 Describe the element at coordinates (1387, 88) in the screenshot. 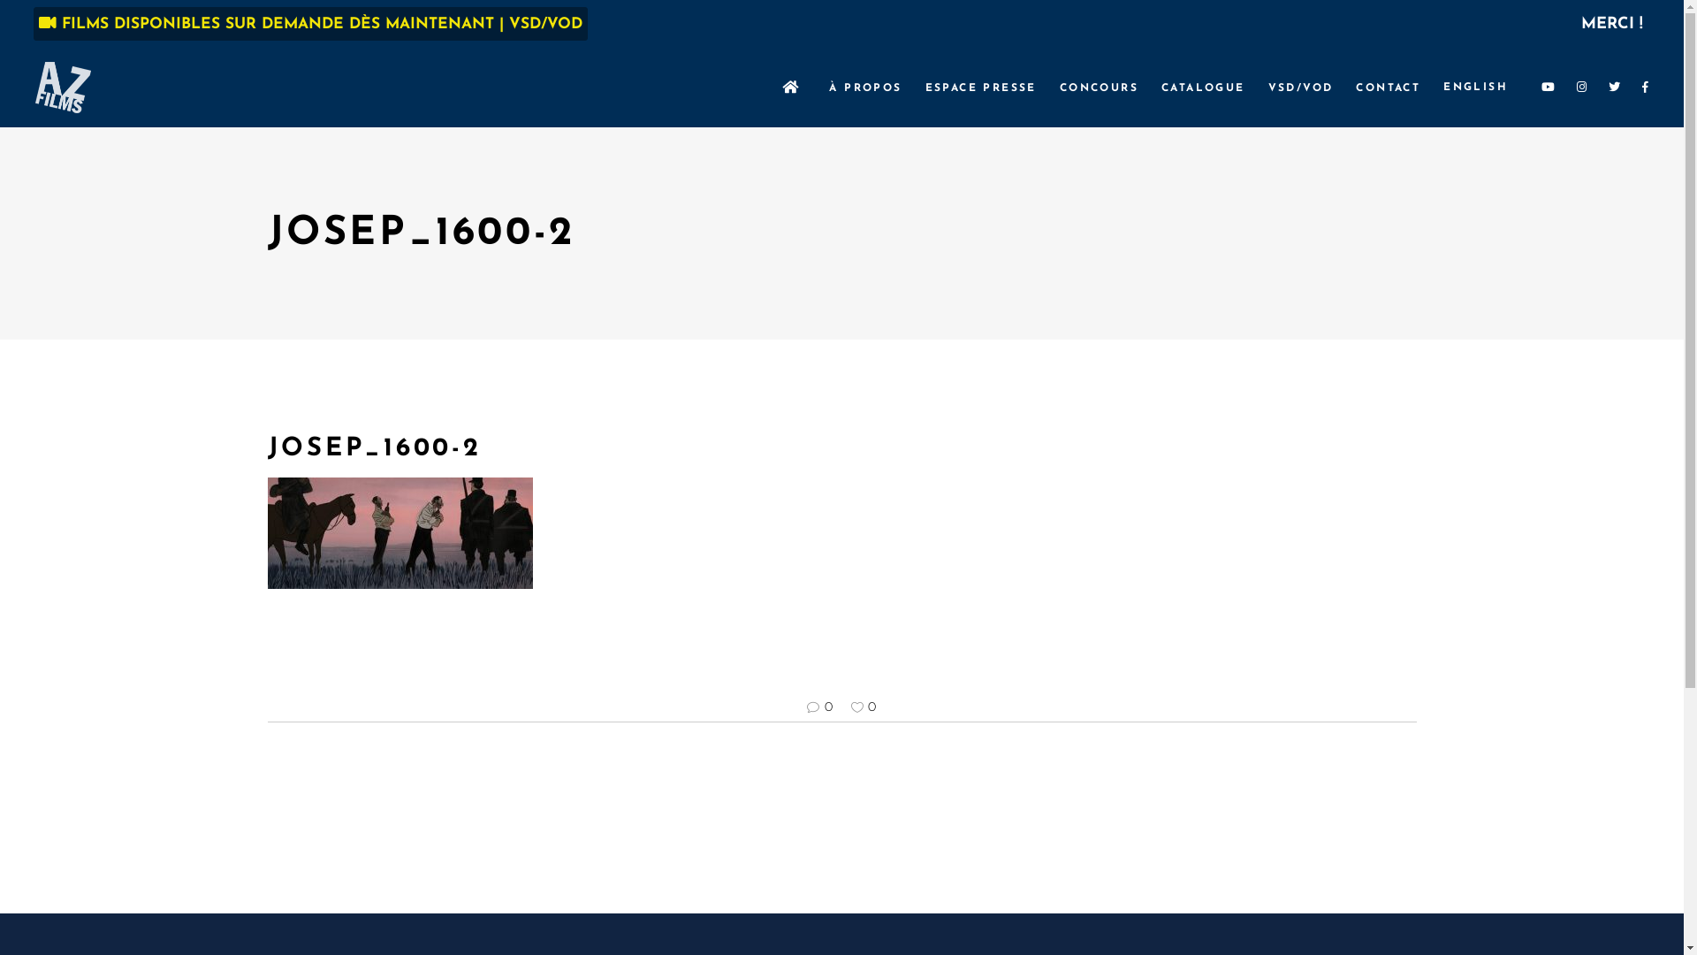

I see `'CONTACT'` at that location.